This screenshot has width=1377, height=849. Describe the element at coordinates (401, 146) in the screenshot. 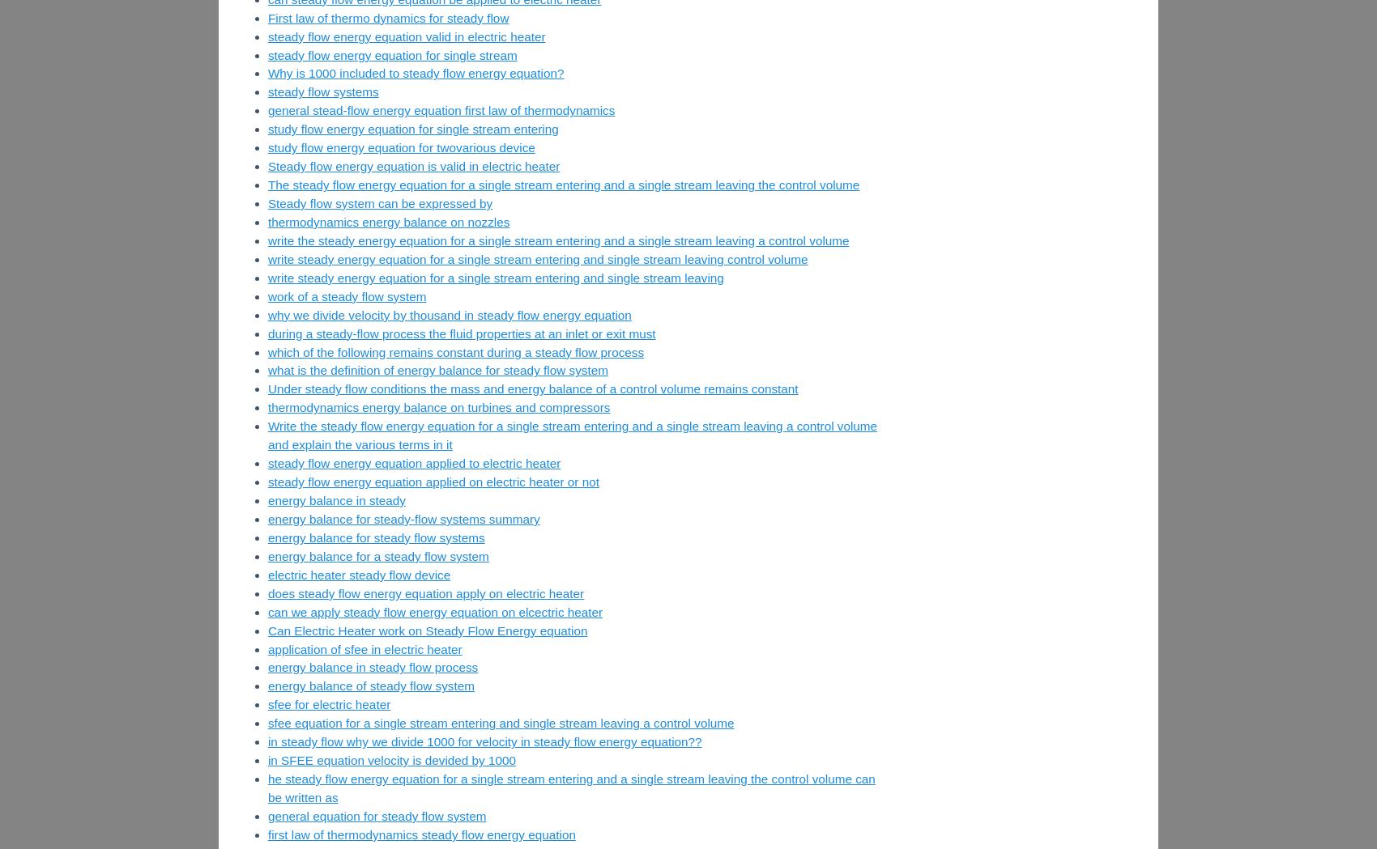

I see `'study flow energy equation for twovarious device'` at that location.